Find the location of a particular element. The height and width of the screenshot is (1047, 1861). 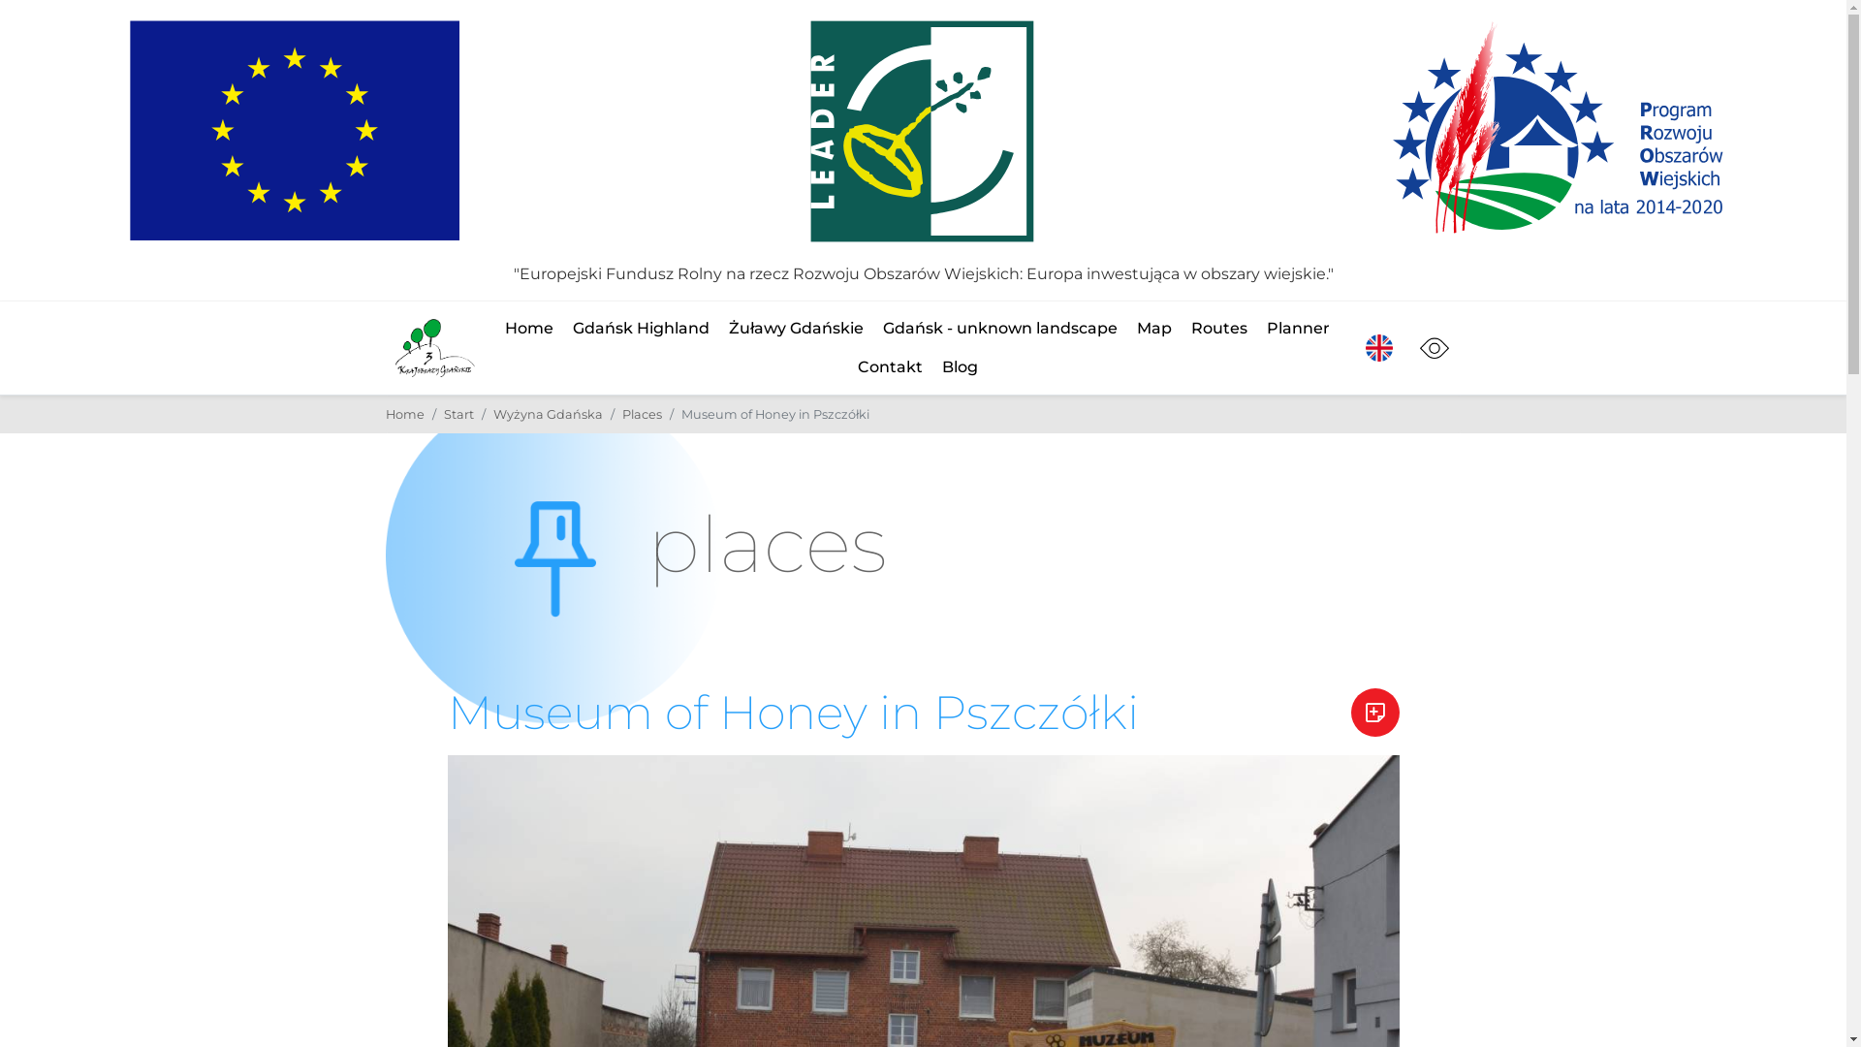

'Home' is located at coordinates (403, 413).